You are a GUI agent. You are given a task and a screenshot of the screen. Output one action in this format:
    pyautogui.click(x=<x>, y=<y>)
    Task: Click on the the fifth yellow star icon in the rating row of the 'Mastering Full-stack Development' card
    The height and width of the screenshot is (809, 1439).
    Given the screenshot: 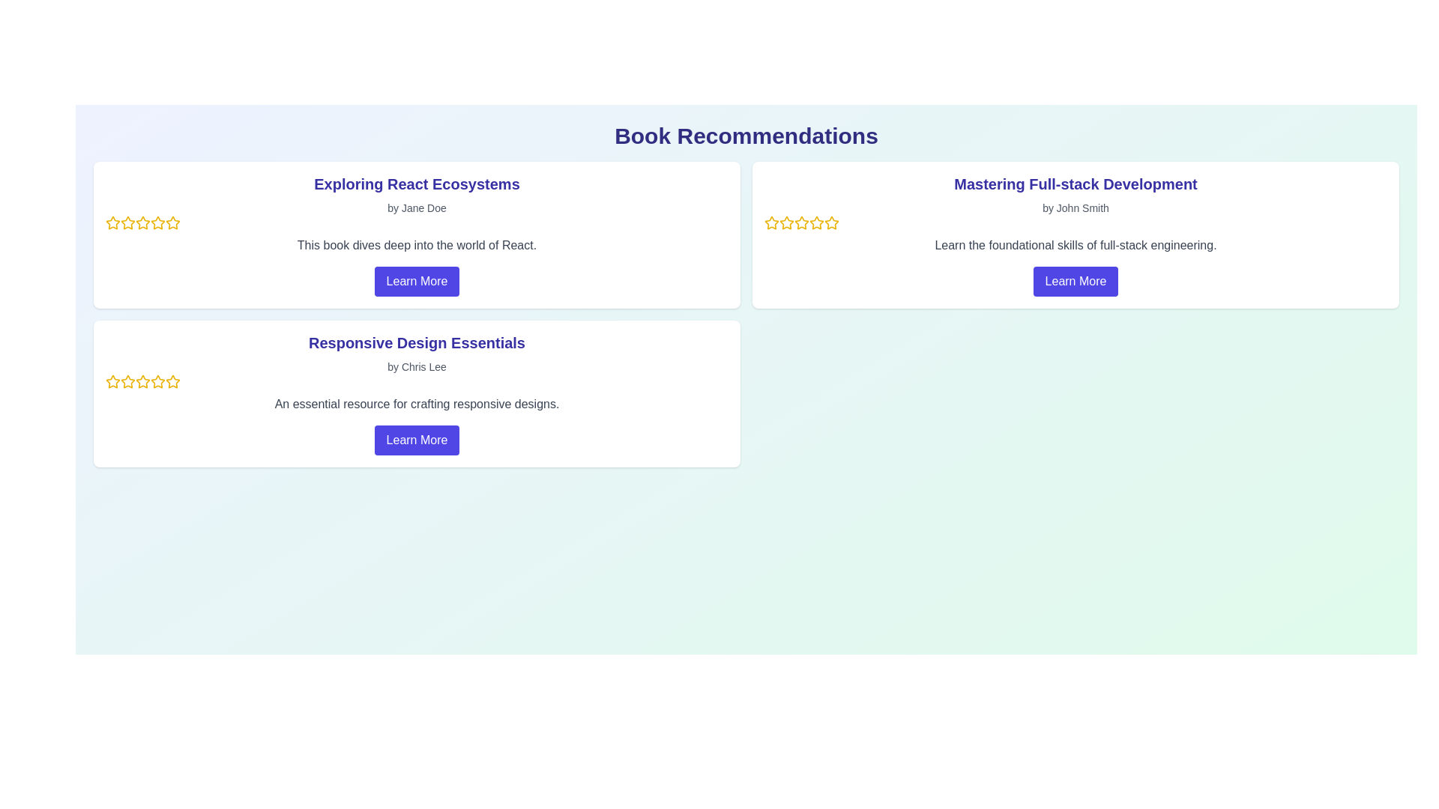 What is the action you would take?
    pyautogui.click(x=815, y=222)
    